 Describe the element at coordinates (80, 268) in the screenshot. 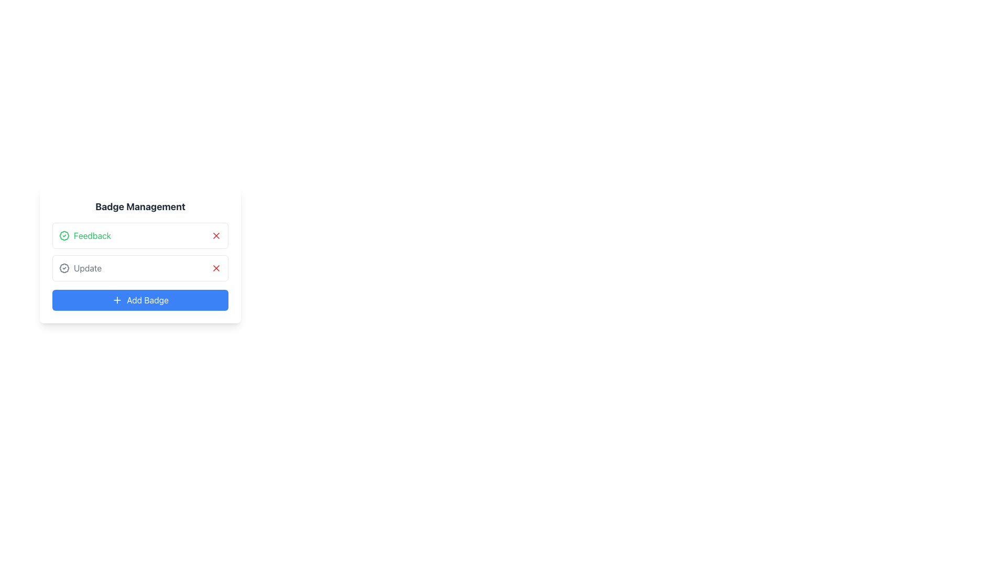

I see `on the List Item labeled 'Update' that features a badge icon with a checkmark, located in the second row of the vertical list in the 'Badge Management' card component` at that location.